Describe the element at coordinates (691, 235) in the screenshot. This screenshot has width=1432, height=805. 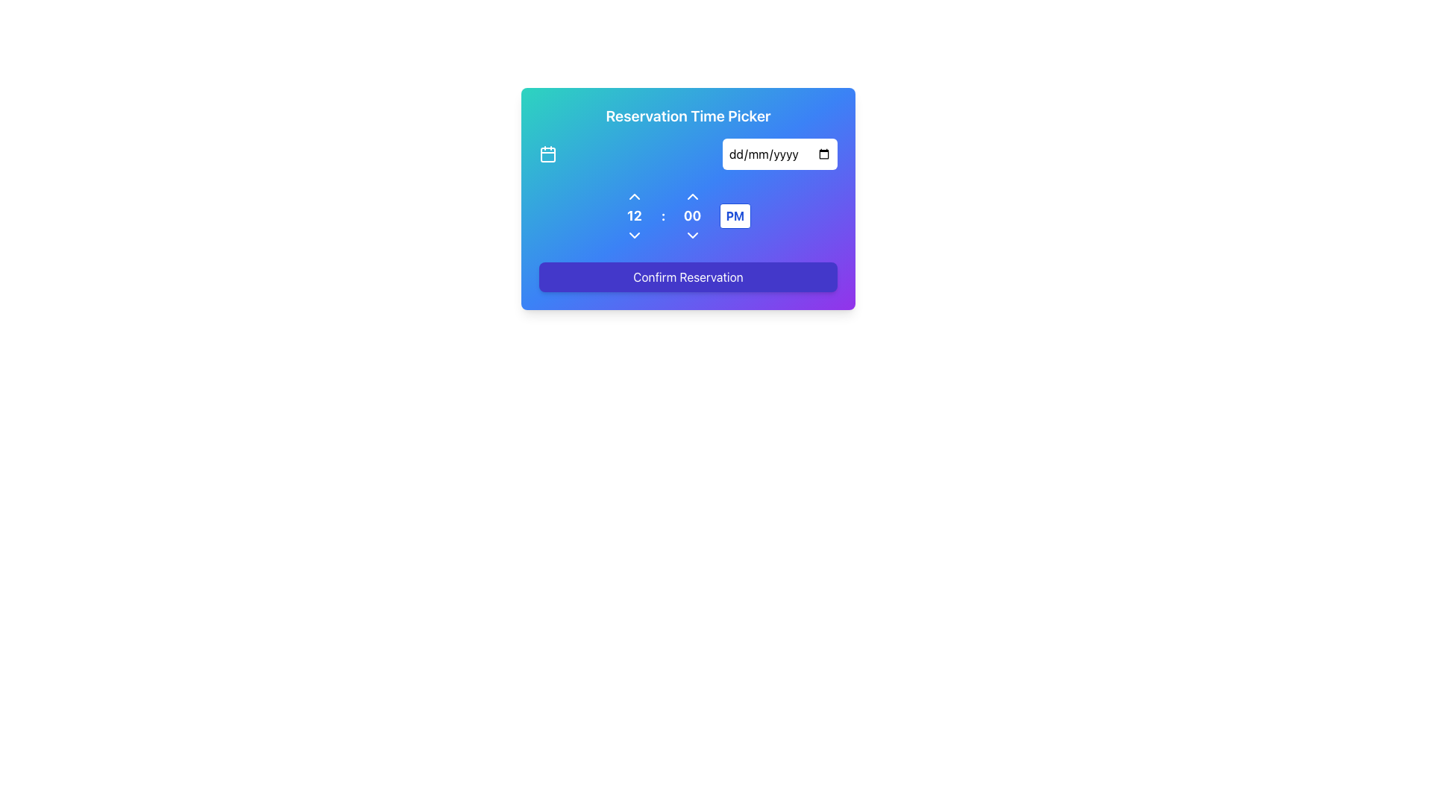
I see `the small downward-pointing chevron button styled in white against a gradient background of blue to purple, located directly below the bold white '00' in the time picker interface` at that location.